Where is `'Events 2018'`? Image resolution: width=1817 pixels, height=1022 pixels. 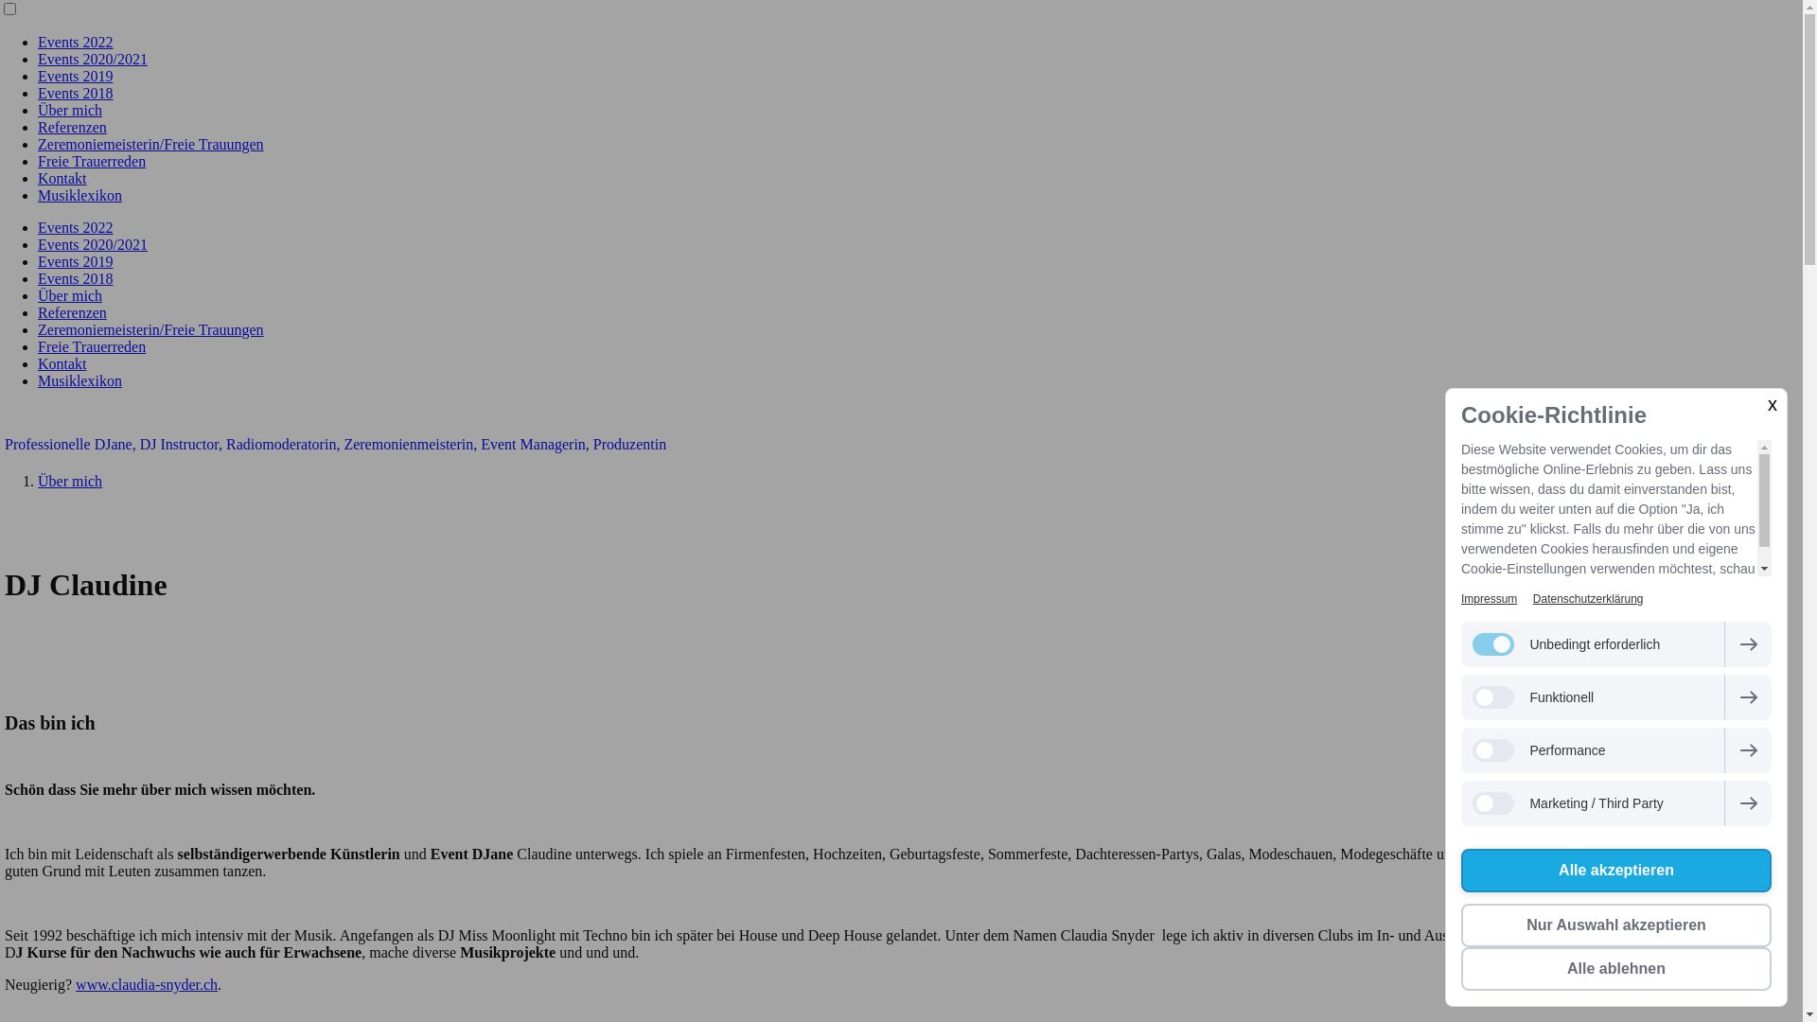
'Events 2018' is located at coordinates (76, 93).